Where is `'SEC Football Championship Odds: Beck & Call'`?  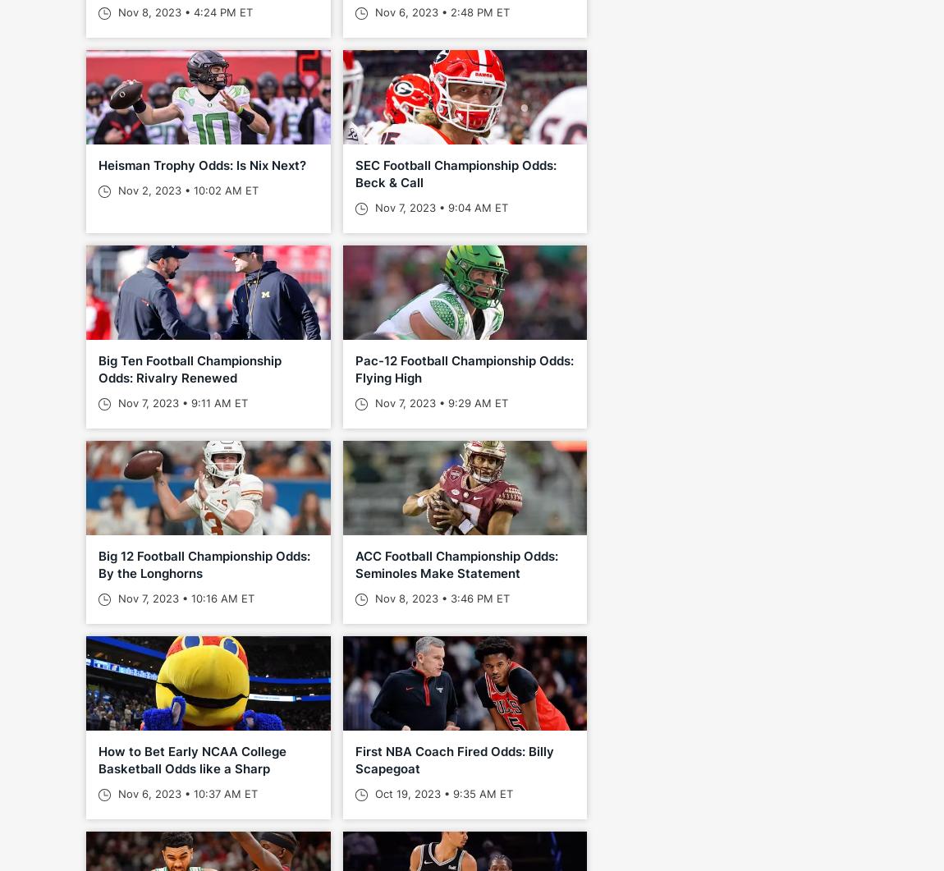
'SEC Football Championship Odds: Beck & Call' is located at coordinates (455, 172).